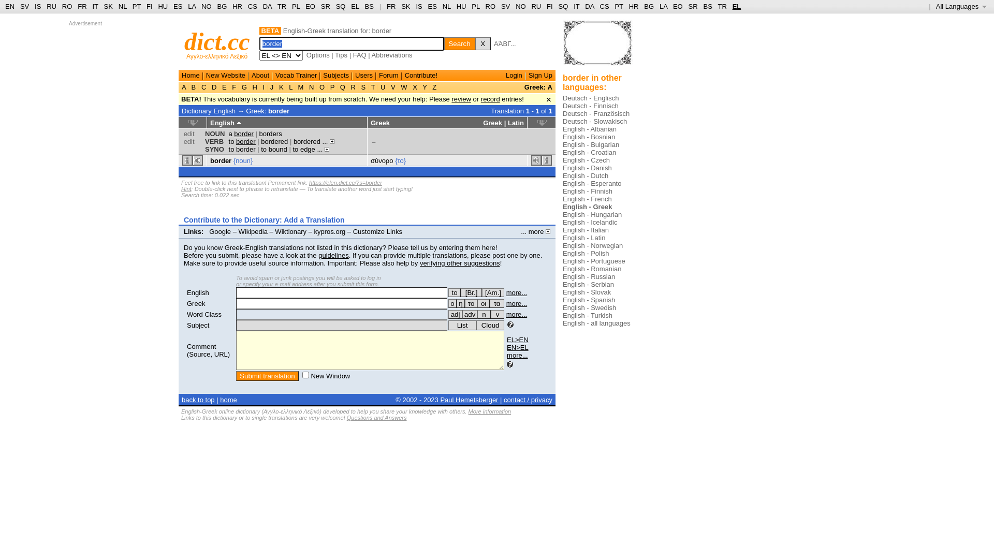 This screenshot has height=559, width=994. What do you see at coordinates (507, 122) in the screenshot?
I see `'Latin'` at bounding box center [507, 122].